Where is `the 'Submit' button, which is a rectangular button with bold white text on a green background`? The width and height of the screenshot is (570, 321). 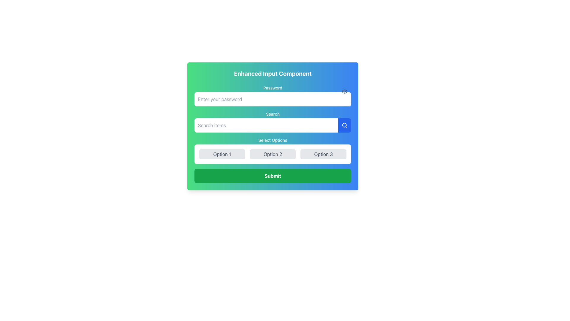
the 'Submit' button, which is a rectangular button with bold white text on a green background is located at coordinates (272, 175).